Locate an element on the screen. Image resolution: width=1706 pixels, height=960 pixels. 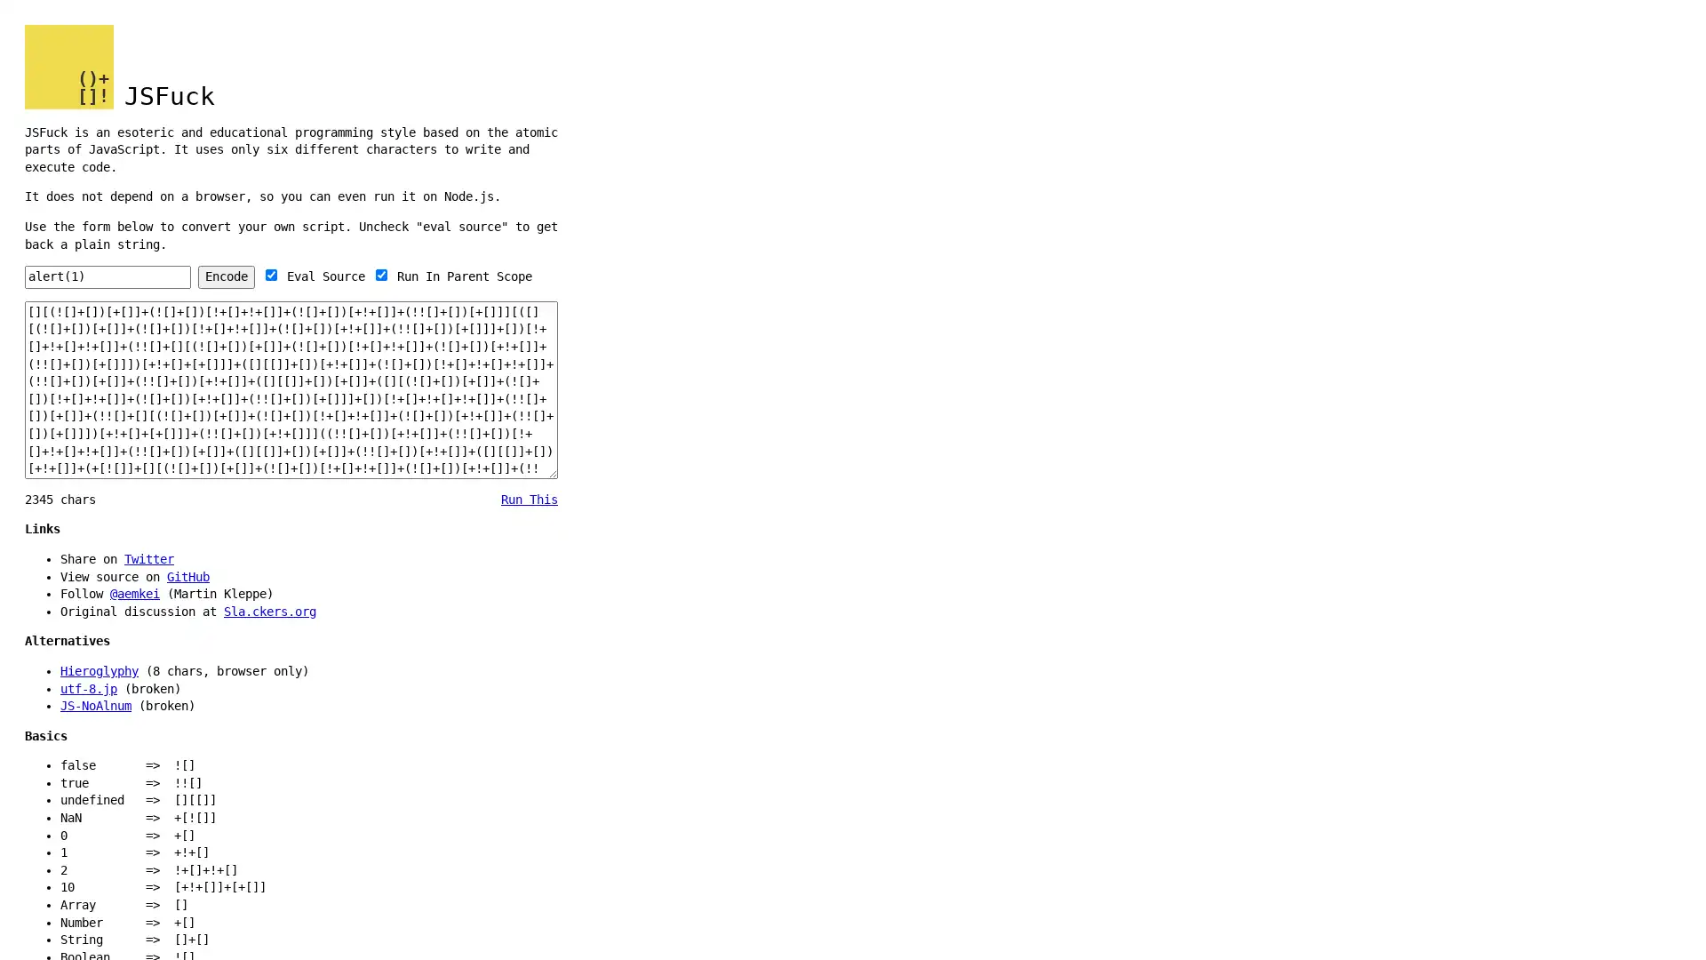
Encode is located at coordinates (225, 276).